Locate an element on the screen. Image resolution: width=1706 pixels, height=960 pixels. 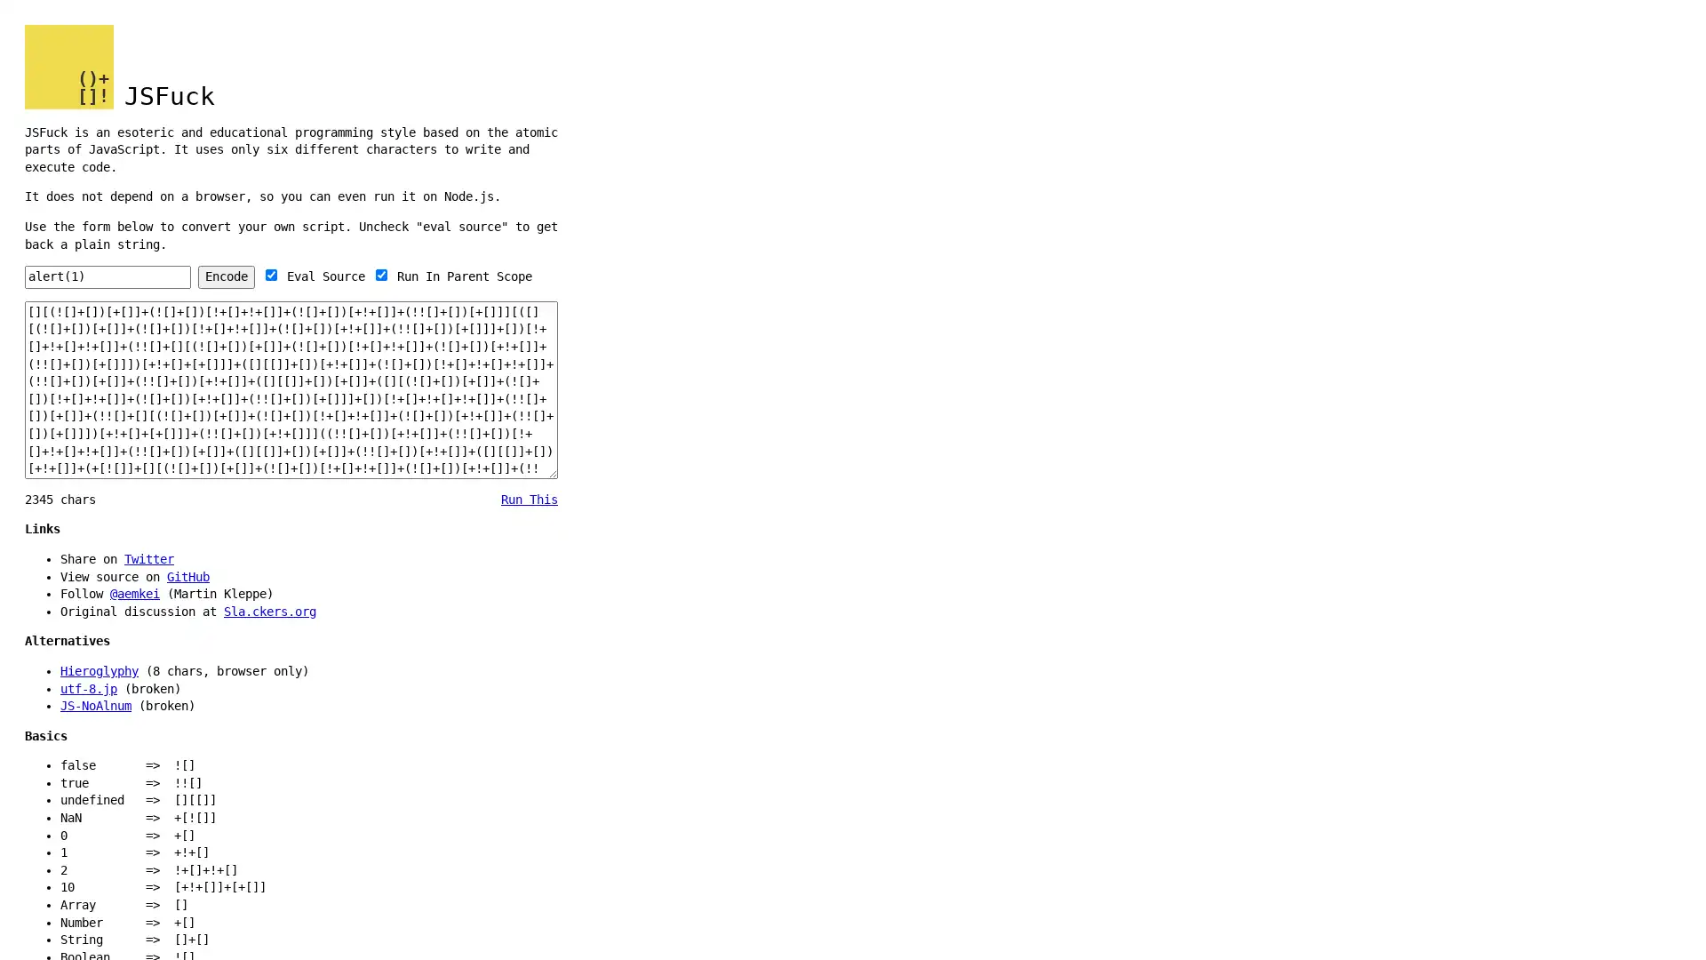
Encode is located at coordinates (225, 276).